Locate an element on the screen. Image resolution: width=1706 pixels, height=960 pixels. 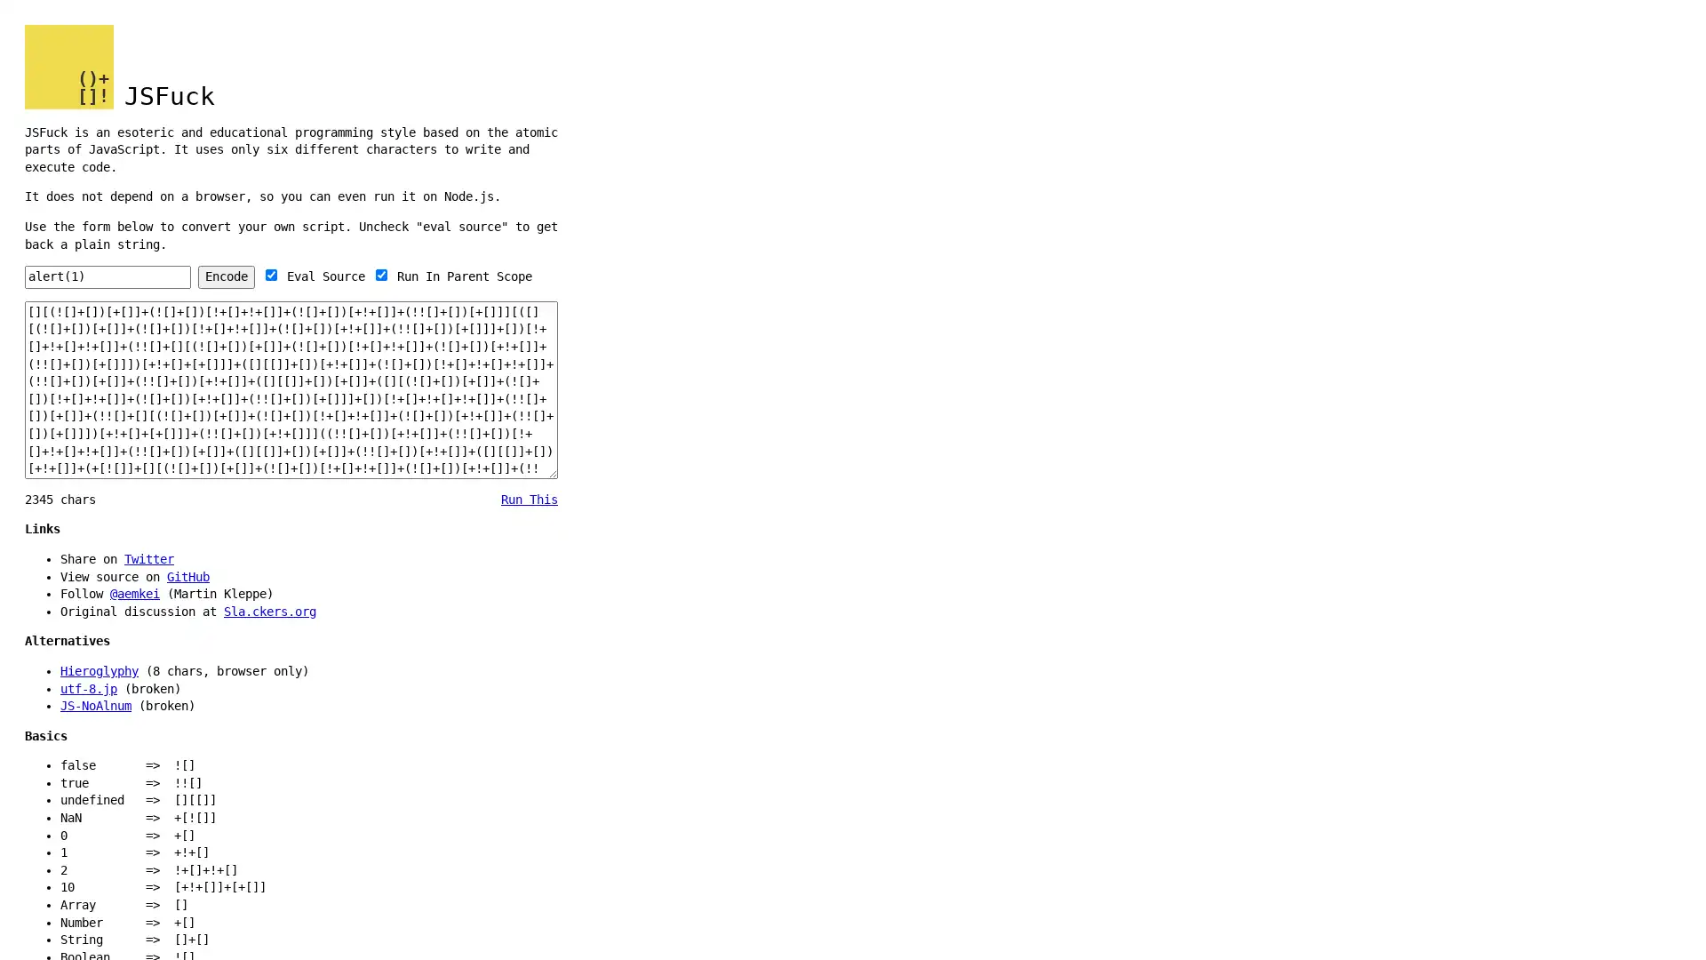
Encode is located at coordinates (225, 276).